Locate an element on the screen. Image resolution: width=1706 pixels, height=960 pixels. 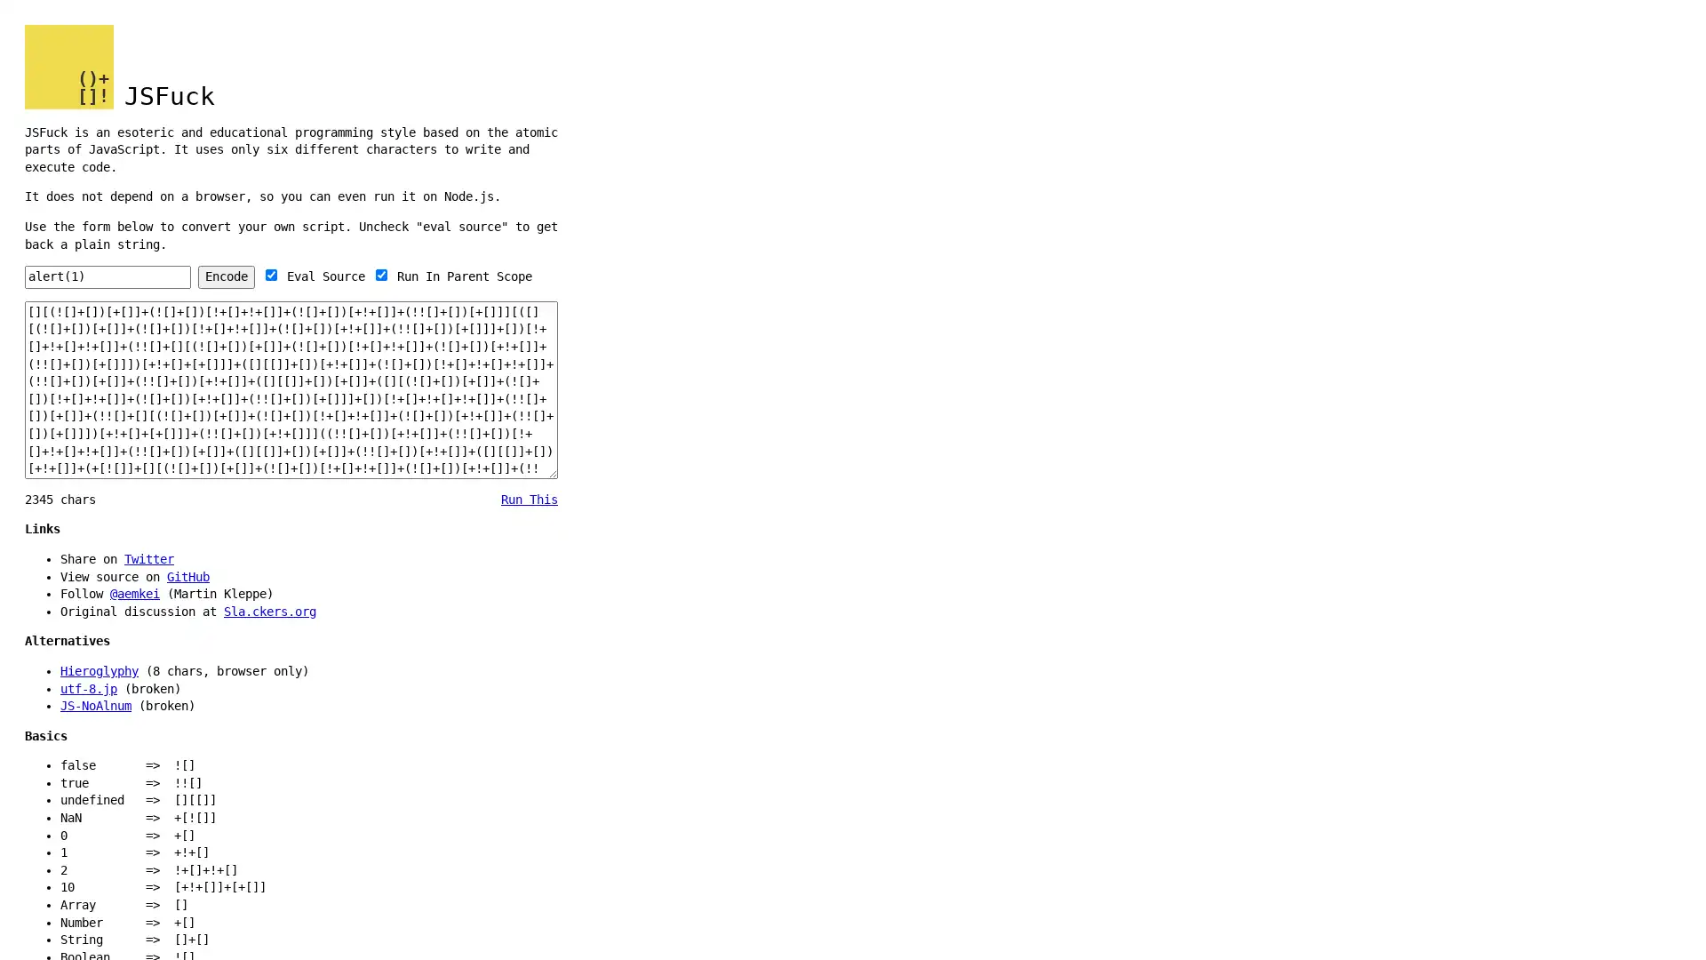
Encode is located at coordinates (225, 276).